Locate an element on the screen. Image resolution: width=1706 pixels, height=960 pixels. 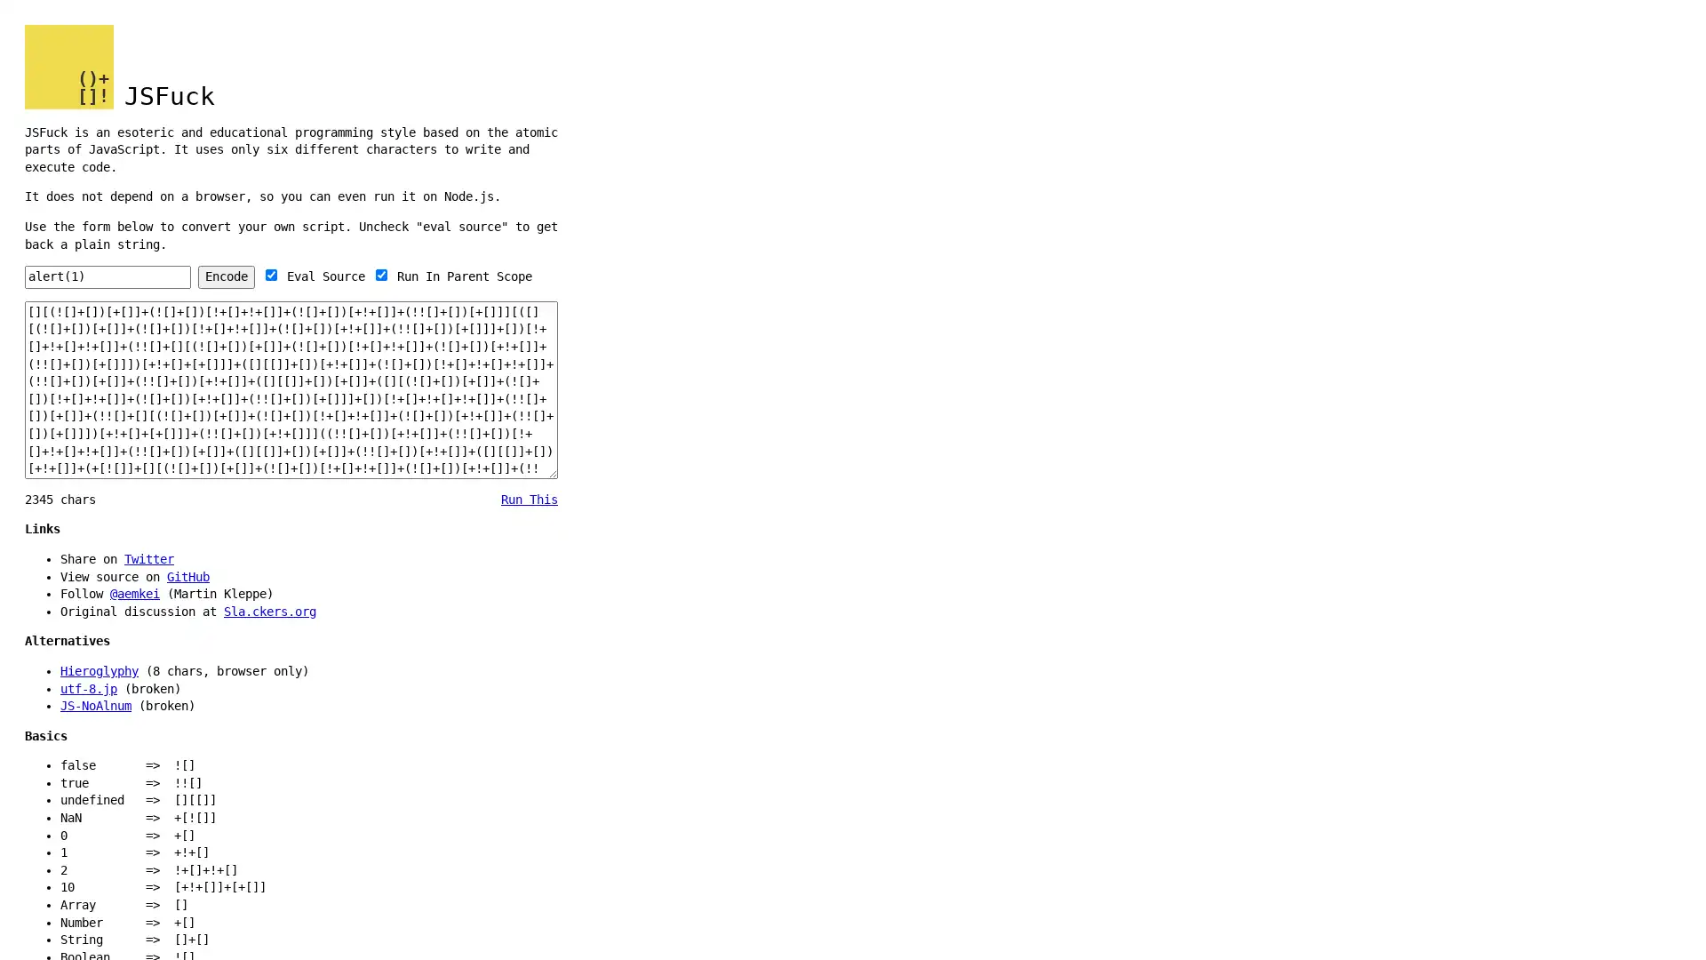
Encode is located at coordinates (225, 276).